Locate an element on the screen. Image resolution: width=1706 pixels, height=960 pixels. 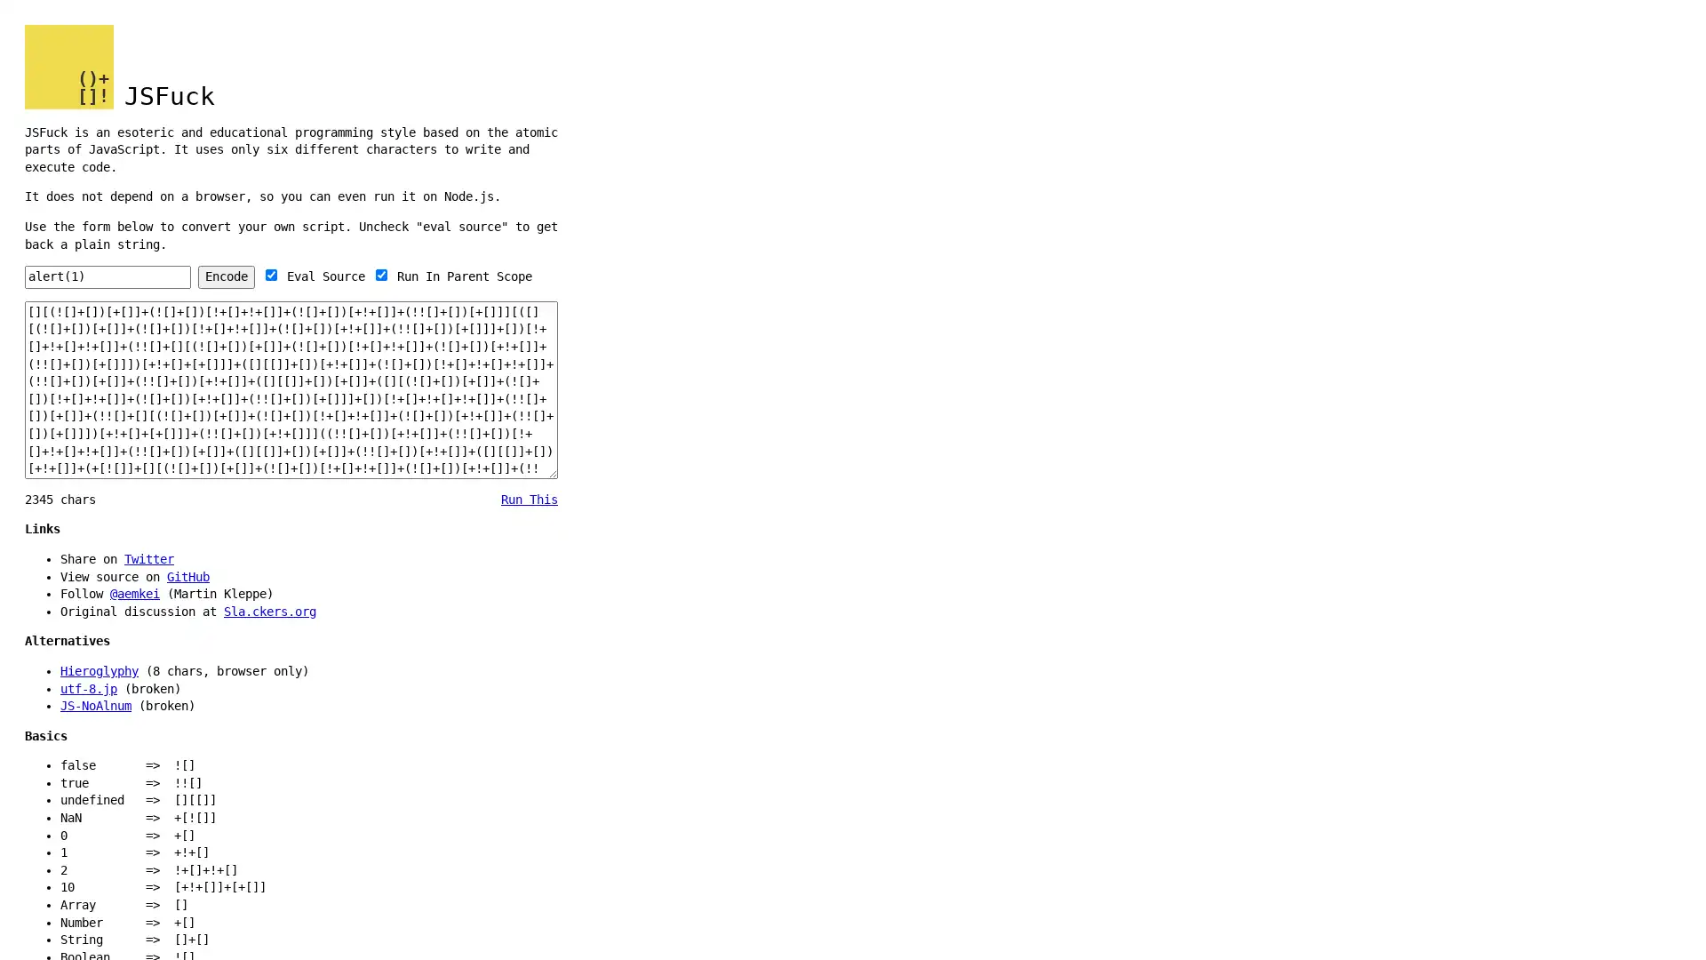
Encode is located at coordinates (225, 276).